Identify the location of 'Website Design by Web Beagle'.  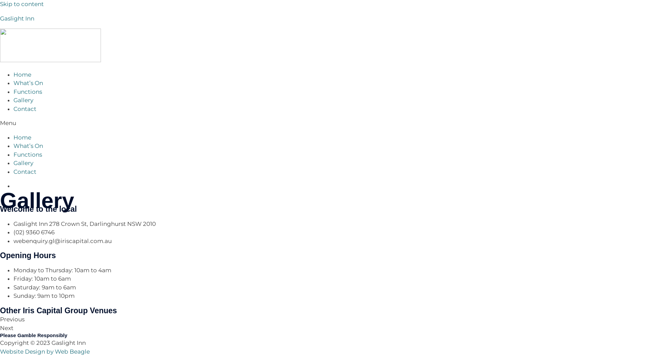
(44, 351).